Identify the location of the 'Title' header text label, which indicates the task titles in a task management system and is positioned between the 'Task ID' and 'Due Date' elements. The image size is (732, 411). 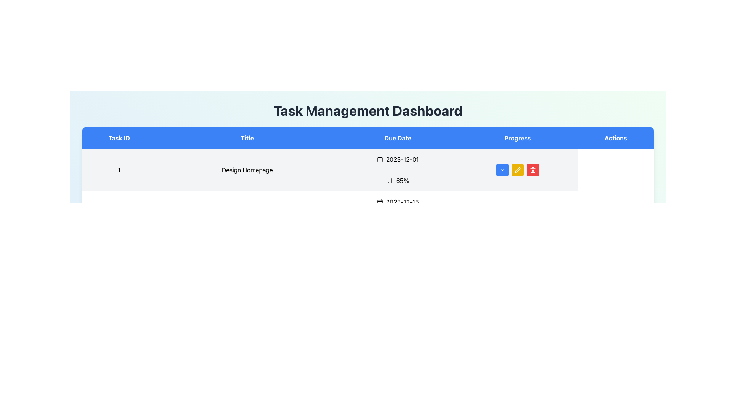
(247, 138).